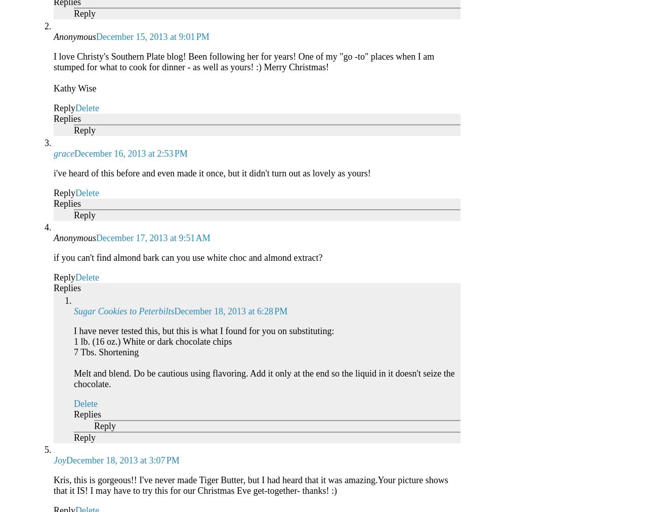 The width and height of the screenshot is (672, 512). What do you see at coordinates (63, 152) in the screenshot?
I see `'grace'` at bounding box center [63, 152].